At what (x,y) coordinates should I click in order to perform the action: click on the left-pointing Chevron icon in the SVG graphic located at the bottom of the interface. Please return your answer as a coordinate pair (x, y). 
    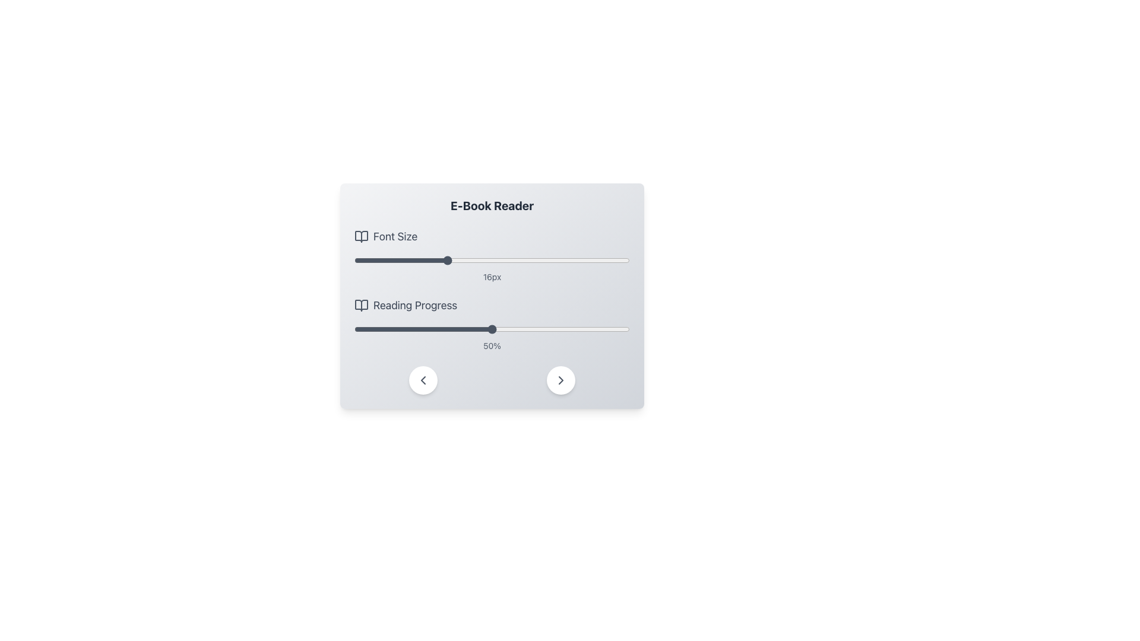
    Looking at the image, I should click on (423, 380).